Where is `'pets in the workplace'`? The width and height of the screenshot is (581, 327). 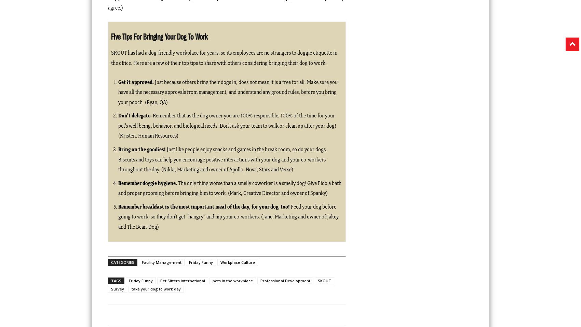
'pets in the workplace' is located at coordinates (212, 280).